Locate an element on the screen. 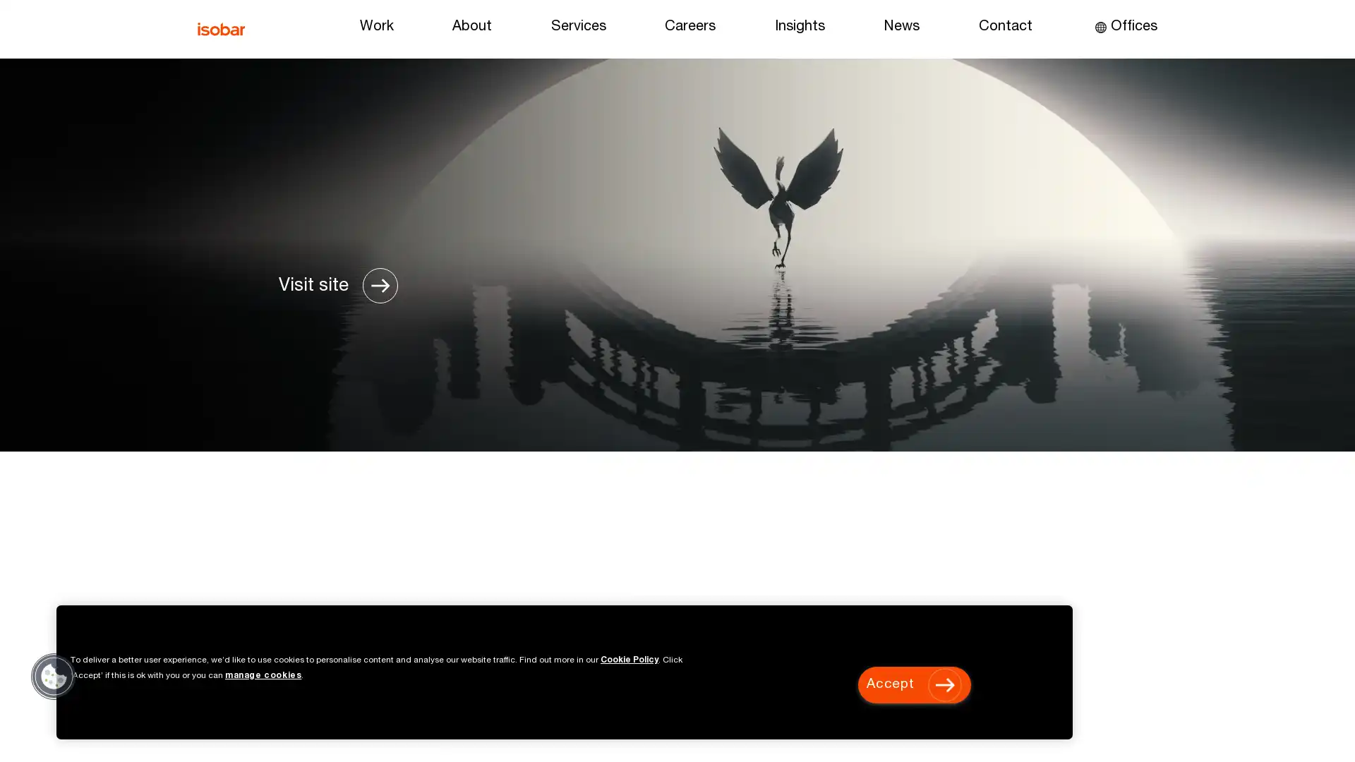 This screenshot has width=1355, height=762. Accept is located at coordinates (914, 684).